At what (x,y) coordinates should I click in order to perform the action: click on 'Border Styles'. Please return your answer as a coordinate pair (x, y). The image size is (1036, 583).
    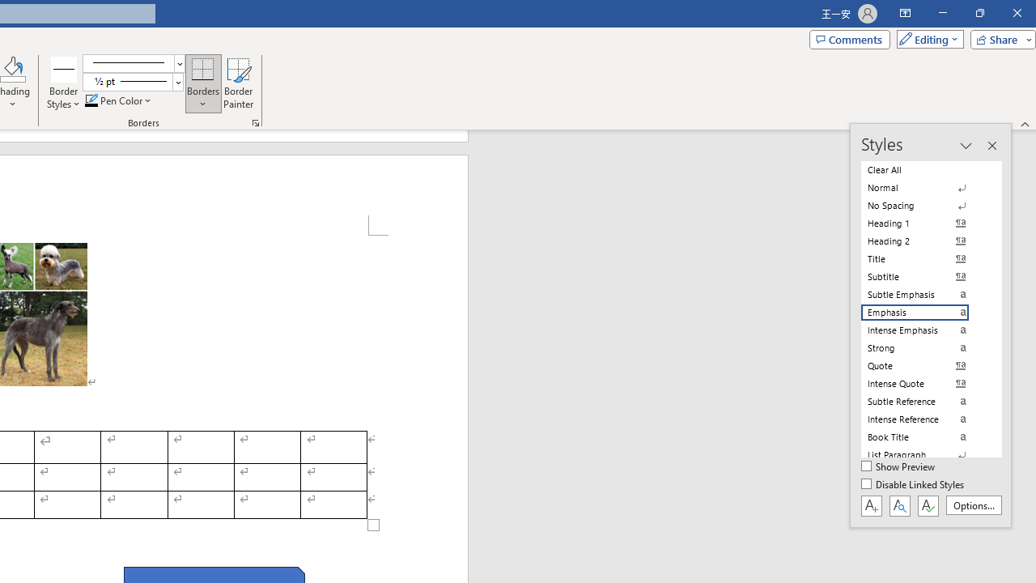
    Looking at the image, I should click on (64, 68).